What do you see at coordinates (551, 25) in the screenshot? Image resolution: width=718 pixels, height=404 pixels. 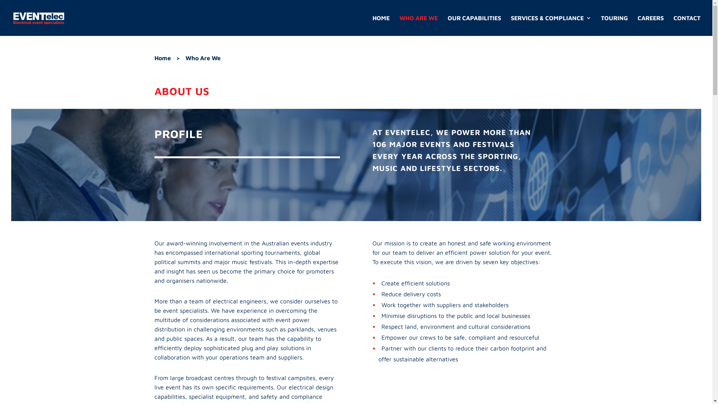 I see `'SERVICES & COMPLIANCE'` at bounding box center [551, 25].